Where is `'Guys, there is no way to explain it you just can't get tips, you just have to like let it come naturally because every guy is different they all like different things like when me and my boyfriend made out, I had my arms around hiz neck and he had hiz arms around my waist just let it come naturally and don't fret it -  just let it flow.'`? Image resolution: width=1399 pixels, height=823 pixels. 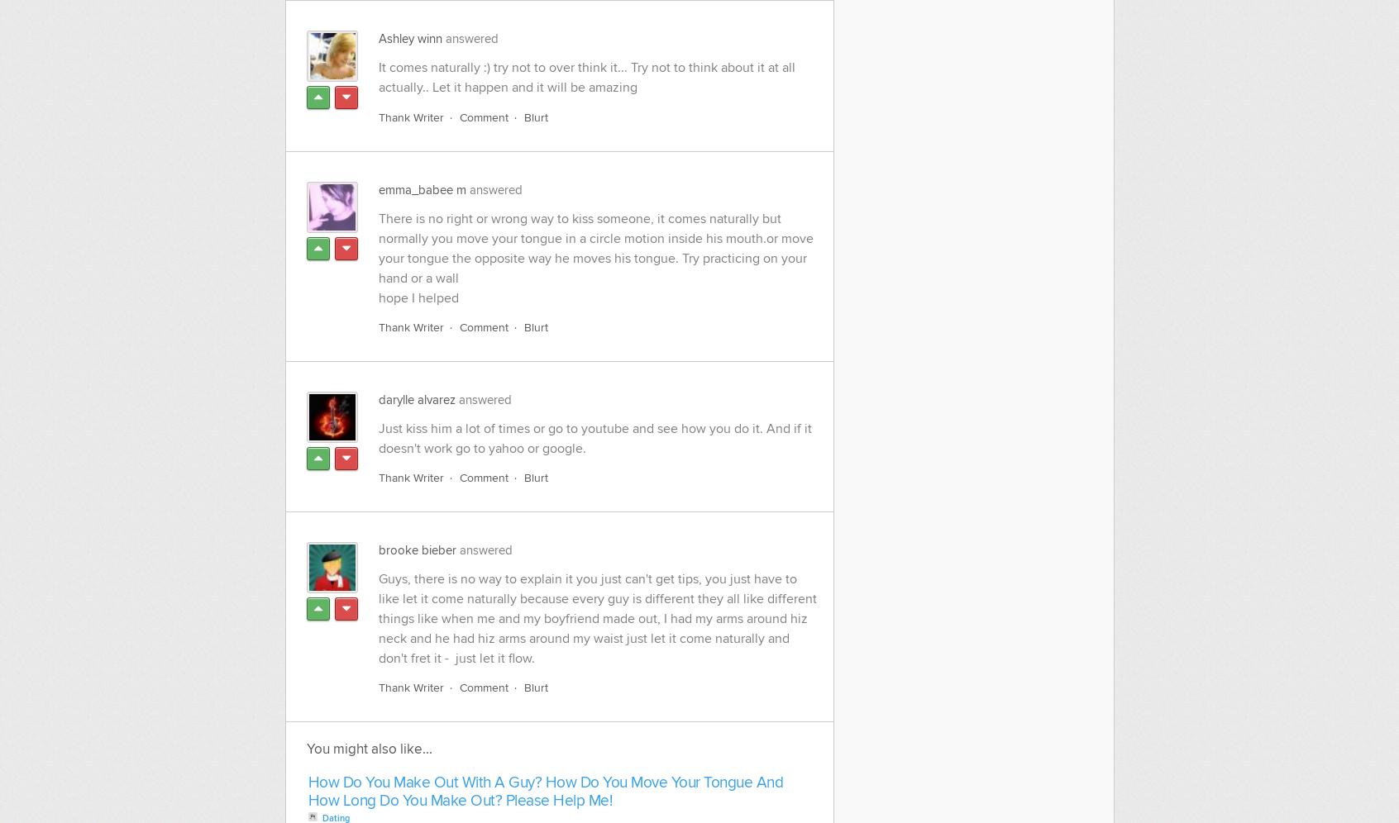 'Guys, there is no way to explain it you just can't get tips, you just have to like let it come naturally because every guy is different they all like different things like when me and my boyfriend made out, I had my arms around hiz neck and he had hiz arms around my waist just let it come naturally and don't fret it -  just let it flow.' is located at coordinates (595, 617).